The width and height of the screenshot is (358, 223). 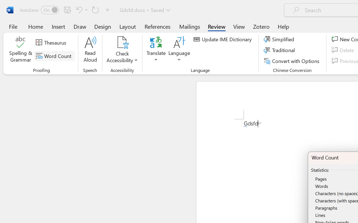 I want to click on 'Language', so click(x=179, y=50).